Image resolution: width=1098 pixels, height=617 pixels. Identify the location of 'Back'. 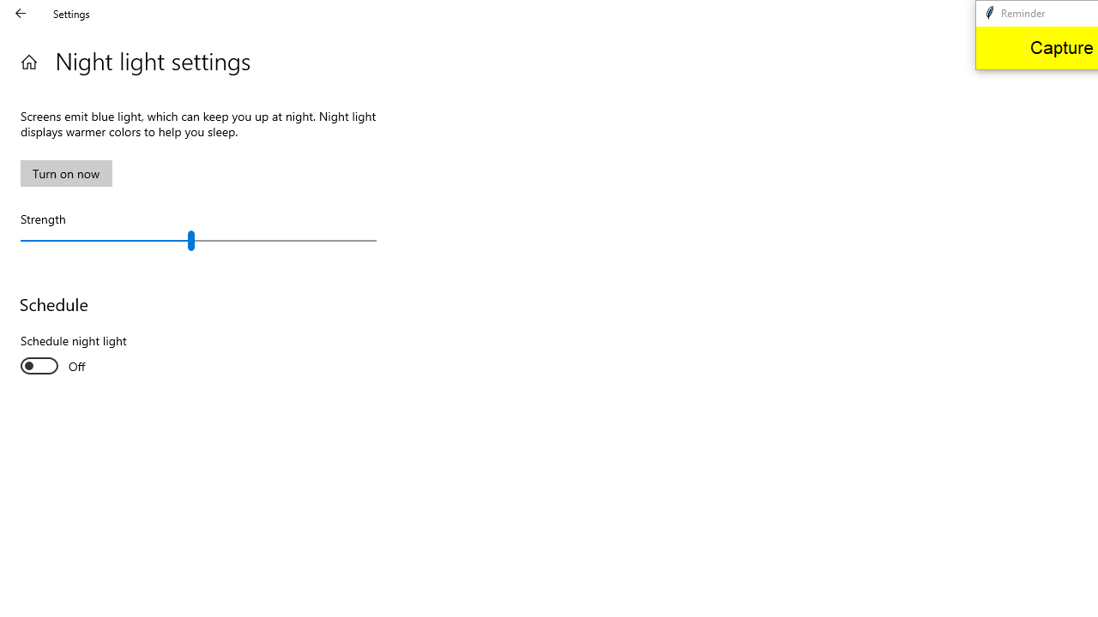
(21, 13).